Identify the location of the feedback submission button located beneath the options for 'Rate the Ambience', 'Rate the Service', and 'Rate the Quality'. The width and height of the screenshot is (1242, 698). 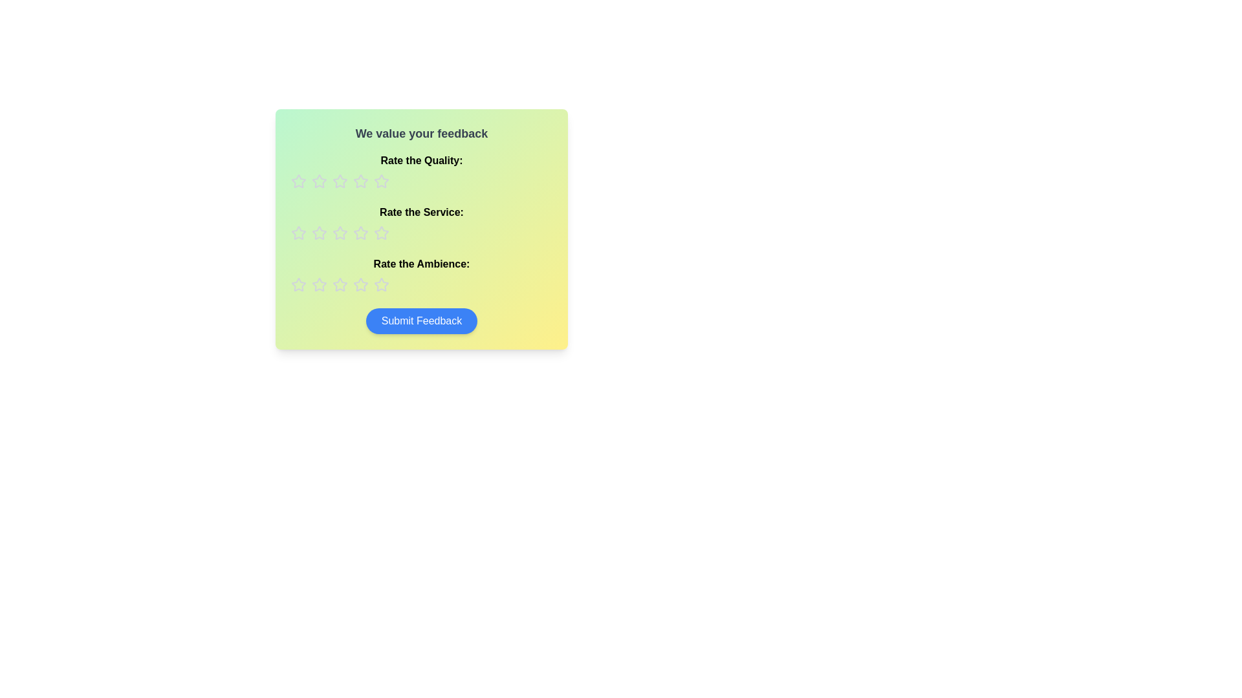
(422, 321).